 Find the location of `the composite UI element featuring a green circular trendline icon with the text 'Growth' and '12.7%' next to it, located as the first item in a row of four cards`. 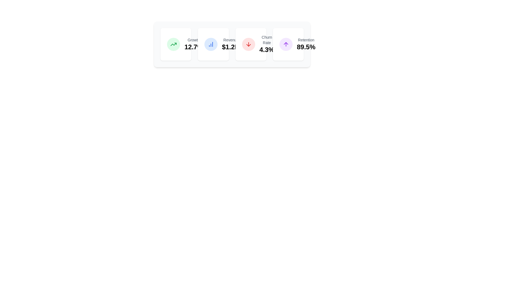

the composite UI element featuring a green circular trendline icon with the text 'Growth' and '12.7%' next to it, located as the first item in a row of four cards is located at coordinates (176, 44).